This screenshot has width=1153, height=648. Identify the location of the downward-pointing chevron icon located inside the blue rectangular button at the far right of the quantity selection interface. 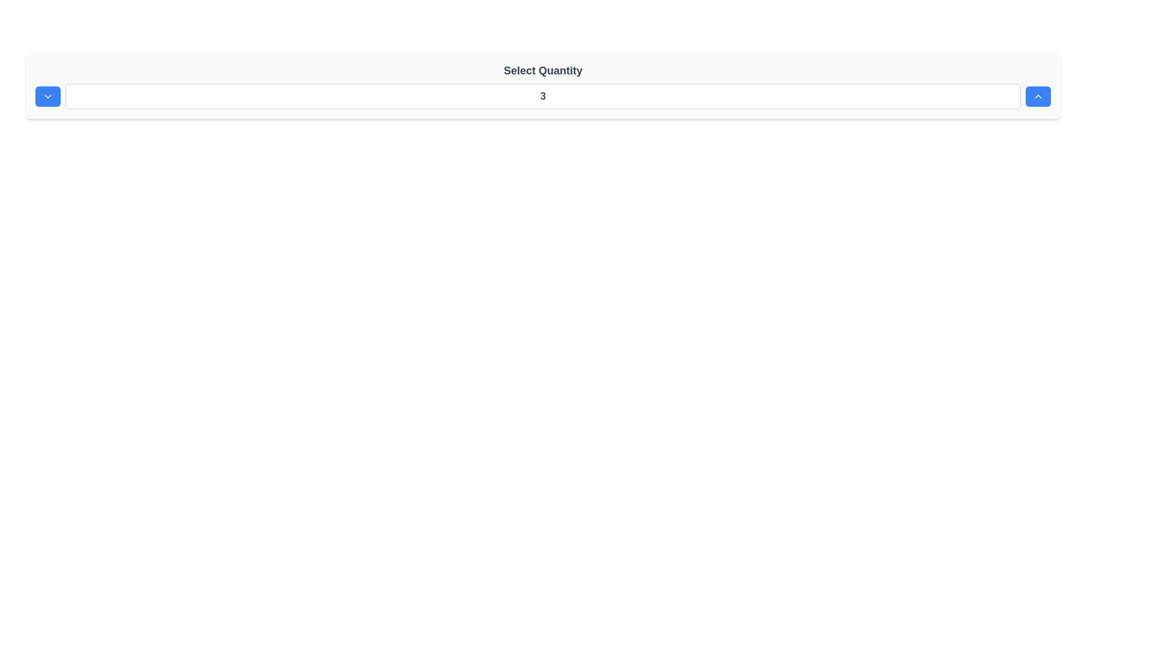
(48, 96).